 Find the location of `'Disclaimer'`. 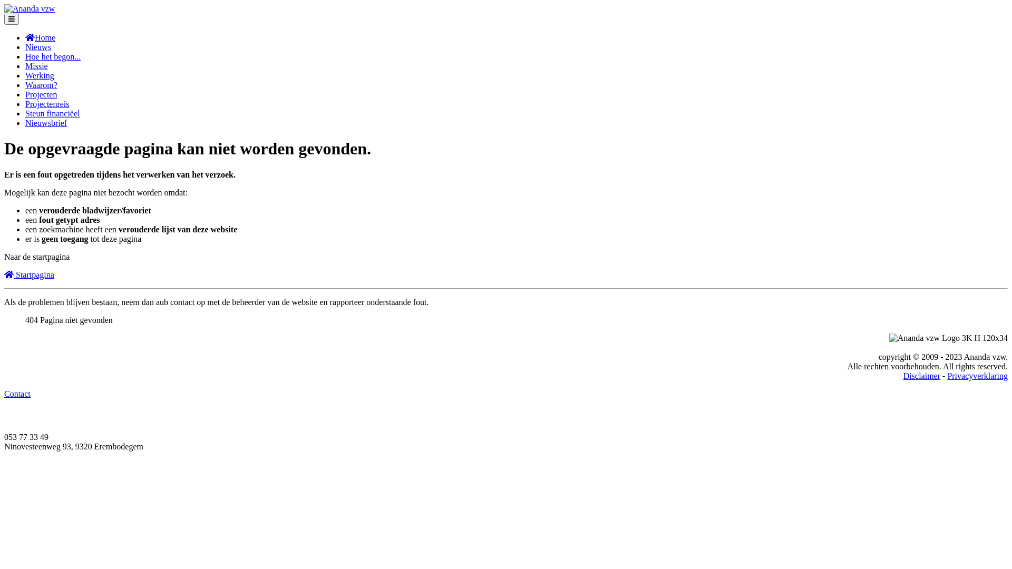

'Disclaimer' is located at coordinates (921, 375).